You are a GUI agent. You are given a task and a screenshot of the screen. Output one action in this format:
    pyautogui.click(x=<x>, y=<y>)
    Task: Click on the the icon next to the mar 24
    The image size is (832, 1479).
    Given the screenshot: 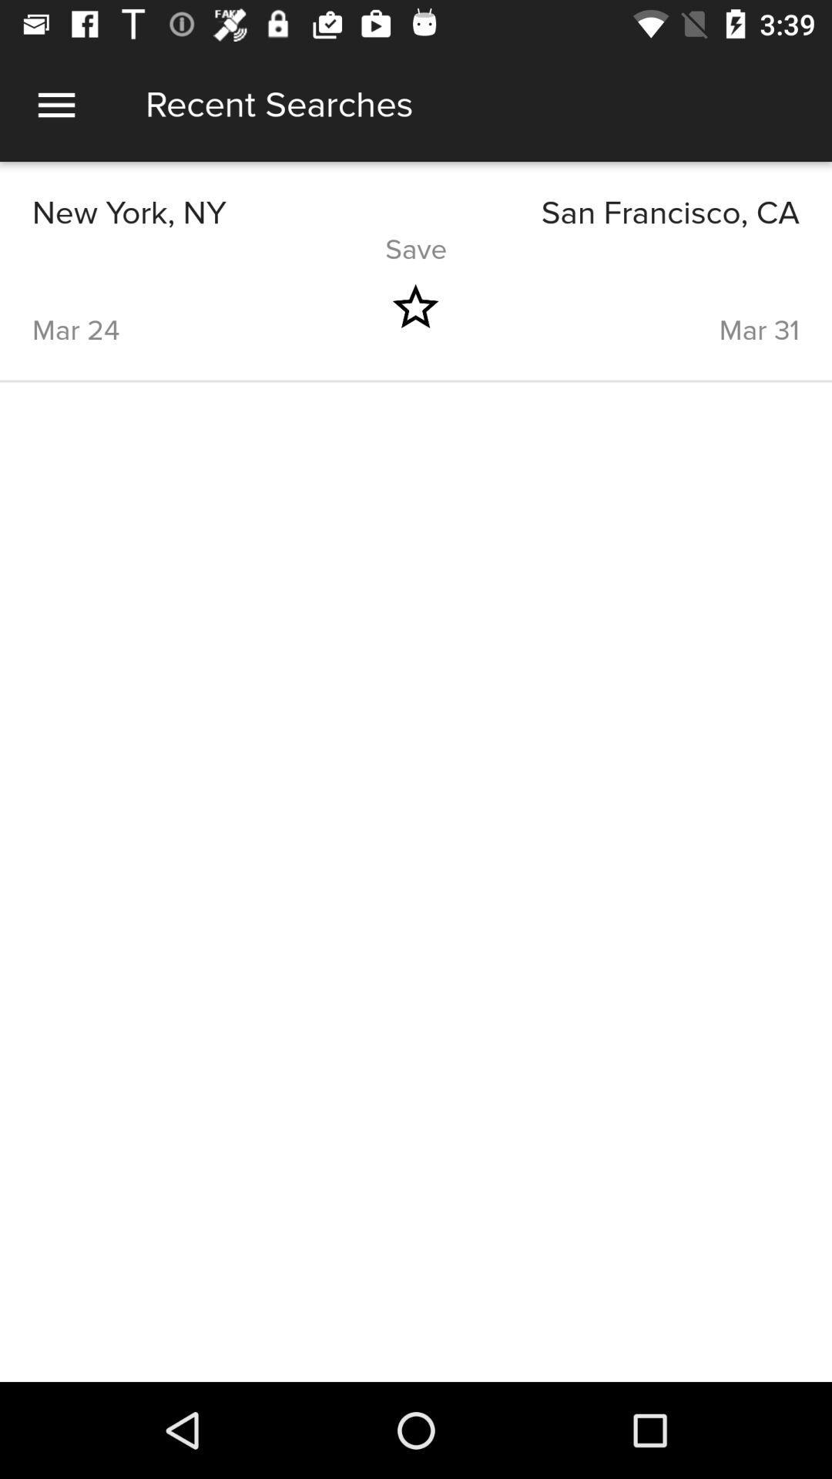 What is the action you would take?
    pyautogui.click(x=414, y=307)
    